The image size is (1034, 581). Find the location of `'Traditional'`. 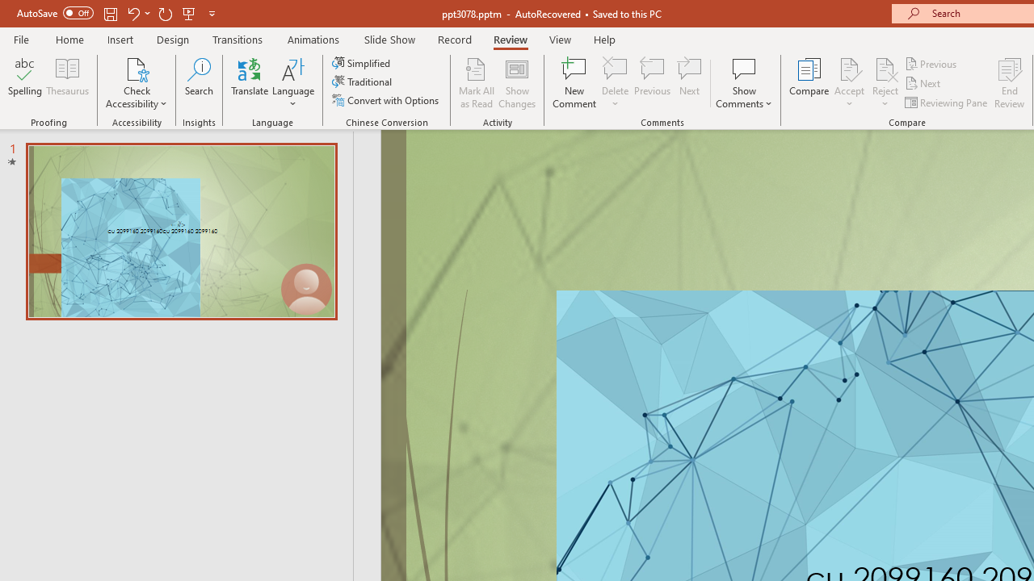

'Traditional' is located at coordinates (362, 82).